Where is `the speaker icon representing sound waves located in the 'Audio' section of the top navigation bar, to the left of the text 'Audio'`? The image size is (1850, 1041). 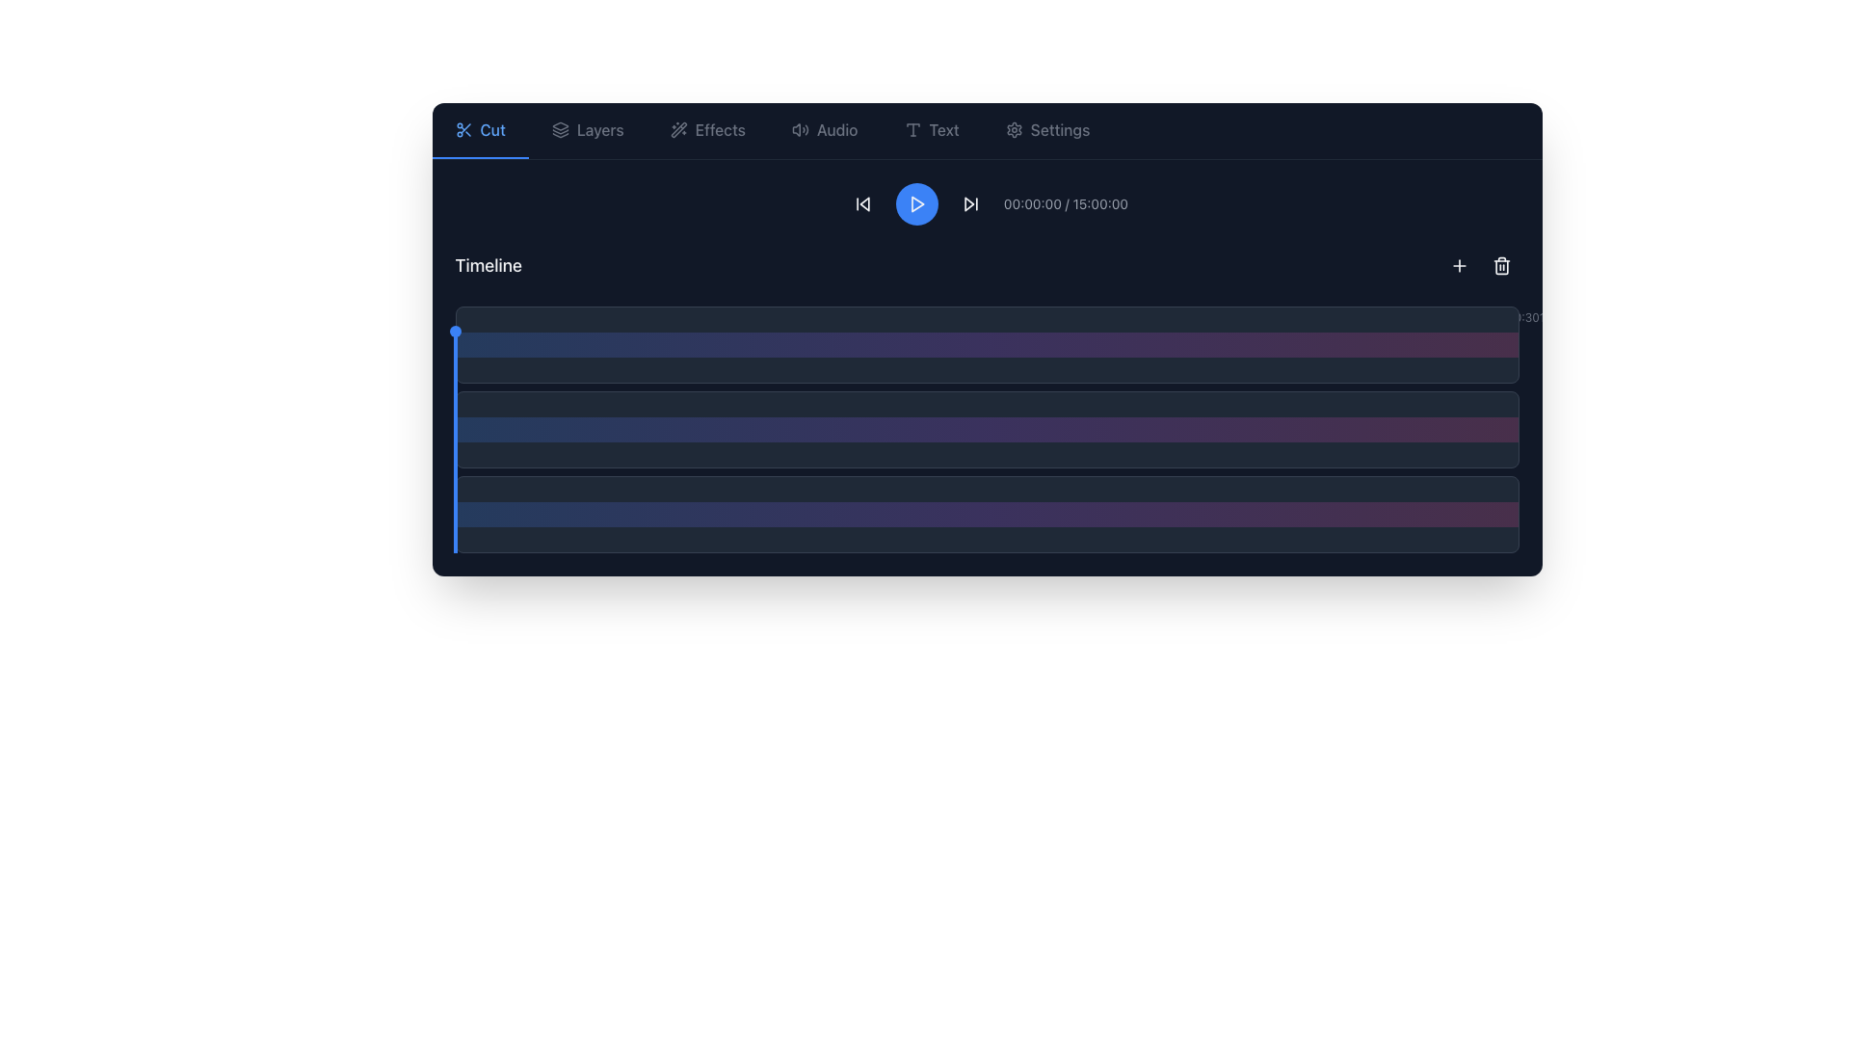
the speaker icon representing sound waves located in the 'Audio' section of the top navigation bar, to the left of the text 'Audio' is located at coordinates (800, 130).